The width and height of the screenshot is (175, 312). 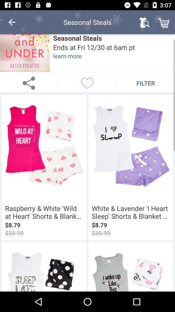 What do you see at coordinates (12, 22) in the screenshot?
I see `icon to the left of the seasonal steals item` at bounding box center [12, 22].